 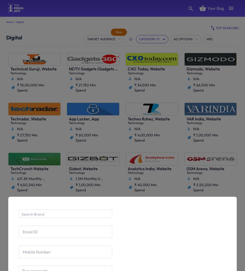 I want to click on 'Home', so click(x=9, y=22).